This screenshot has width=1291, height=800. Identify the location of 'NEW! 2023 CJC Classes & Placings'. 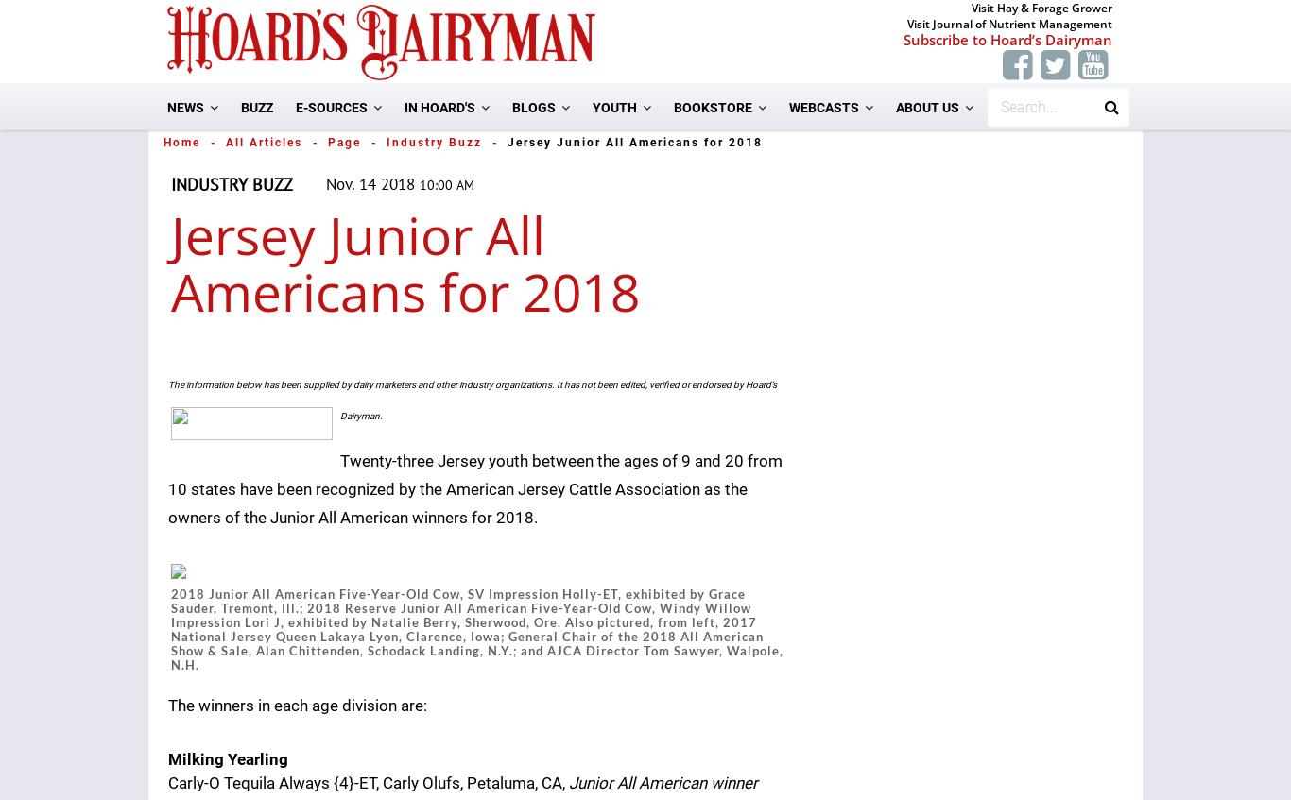
(732, 242).